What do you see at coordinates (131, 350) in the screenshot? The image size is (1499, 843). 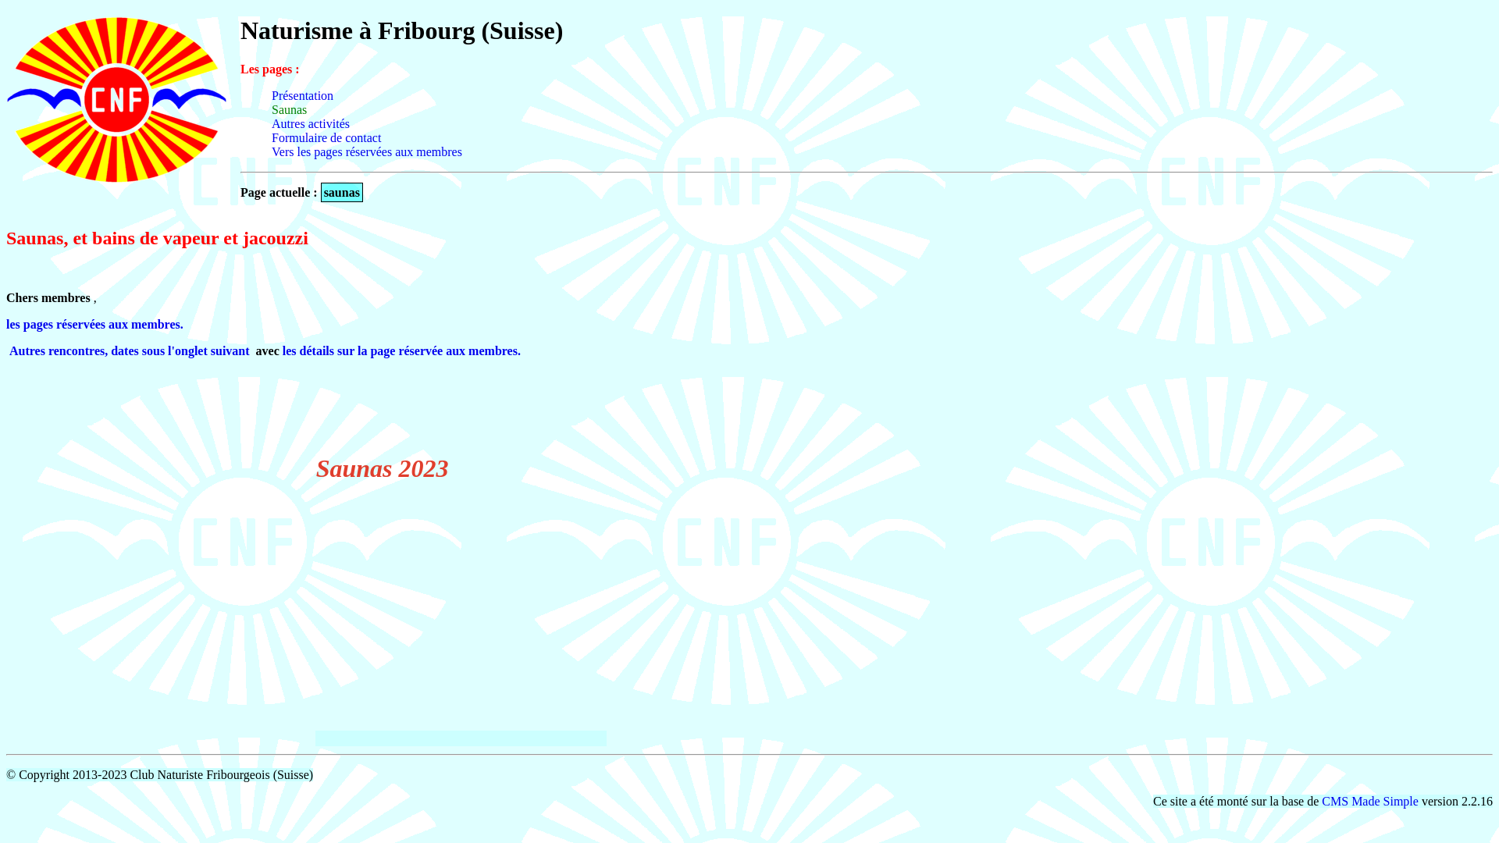 I see `'Autres rencontres, dates sous l'onglet suivant '` at bounding box center [131, 350].